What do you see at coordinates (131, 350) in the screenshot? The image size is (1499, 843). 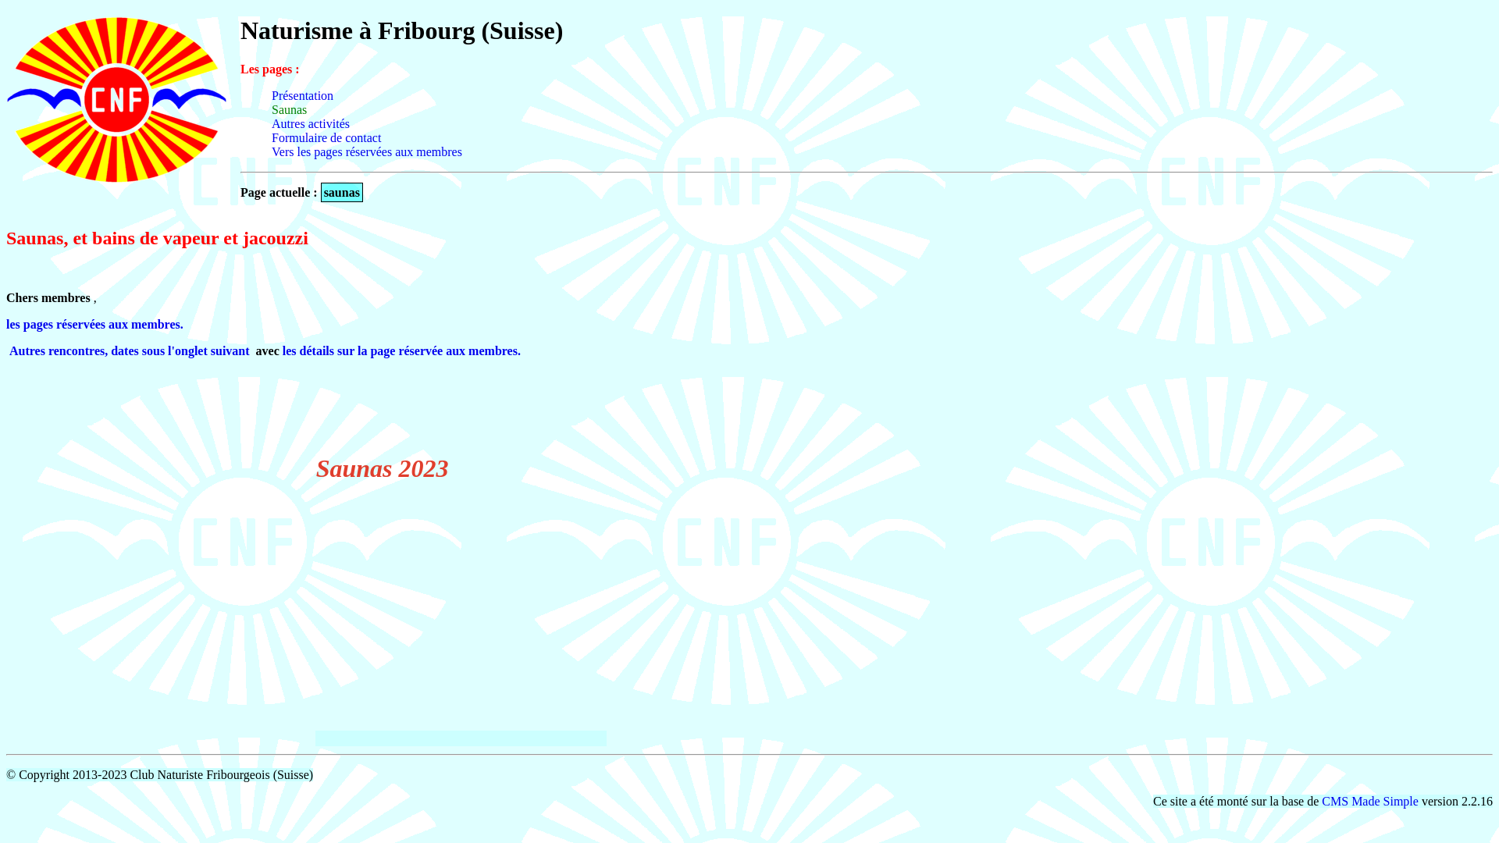 I see `'Autres rencontres, dates sous l'onglet suivant '` at bounding box center [131, 350].